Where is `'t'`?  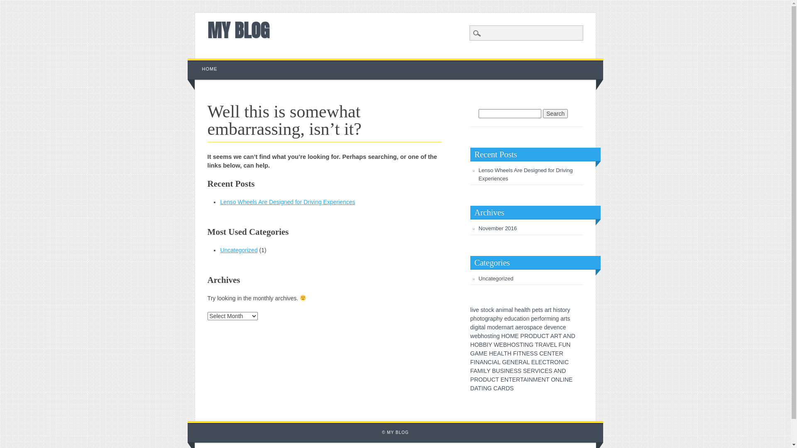 't' is located at coordinates (480, 318).